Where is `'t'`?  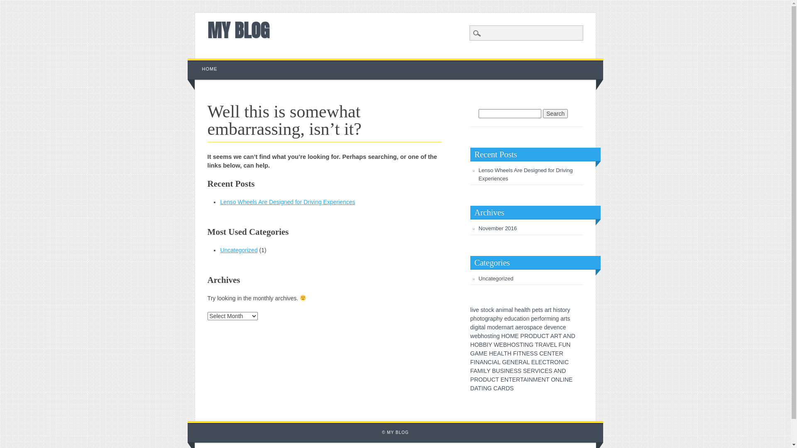 't' is located at coordinates (480, 318).